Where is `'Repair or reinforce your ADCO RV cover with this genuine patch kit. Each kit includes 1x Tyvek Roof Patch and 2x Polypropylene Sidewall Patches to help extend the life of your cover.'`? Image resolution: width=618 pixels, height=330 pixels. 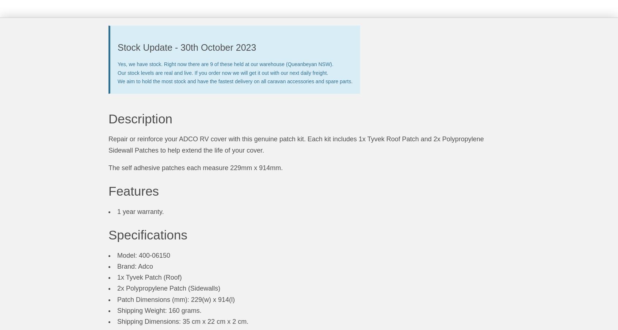
'Repair or reinforce your ADCO RV cover with this genuine patch kit. Each kit includes 1x Tyvek Roof Patch and 2x Polypropylene Sidewall Patches to help extend the life of your cover.' is located at coordinates (296, 145).